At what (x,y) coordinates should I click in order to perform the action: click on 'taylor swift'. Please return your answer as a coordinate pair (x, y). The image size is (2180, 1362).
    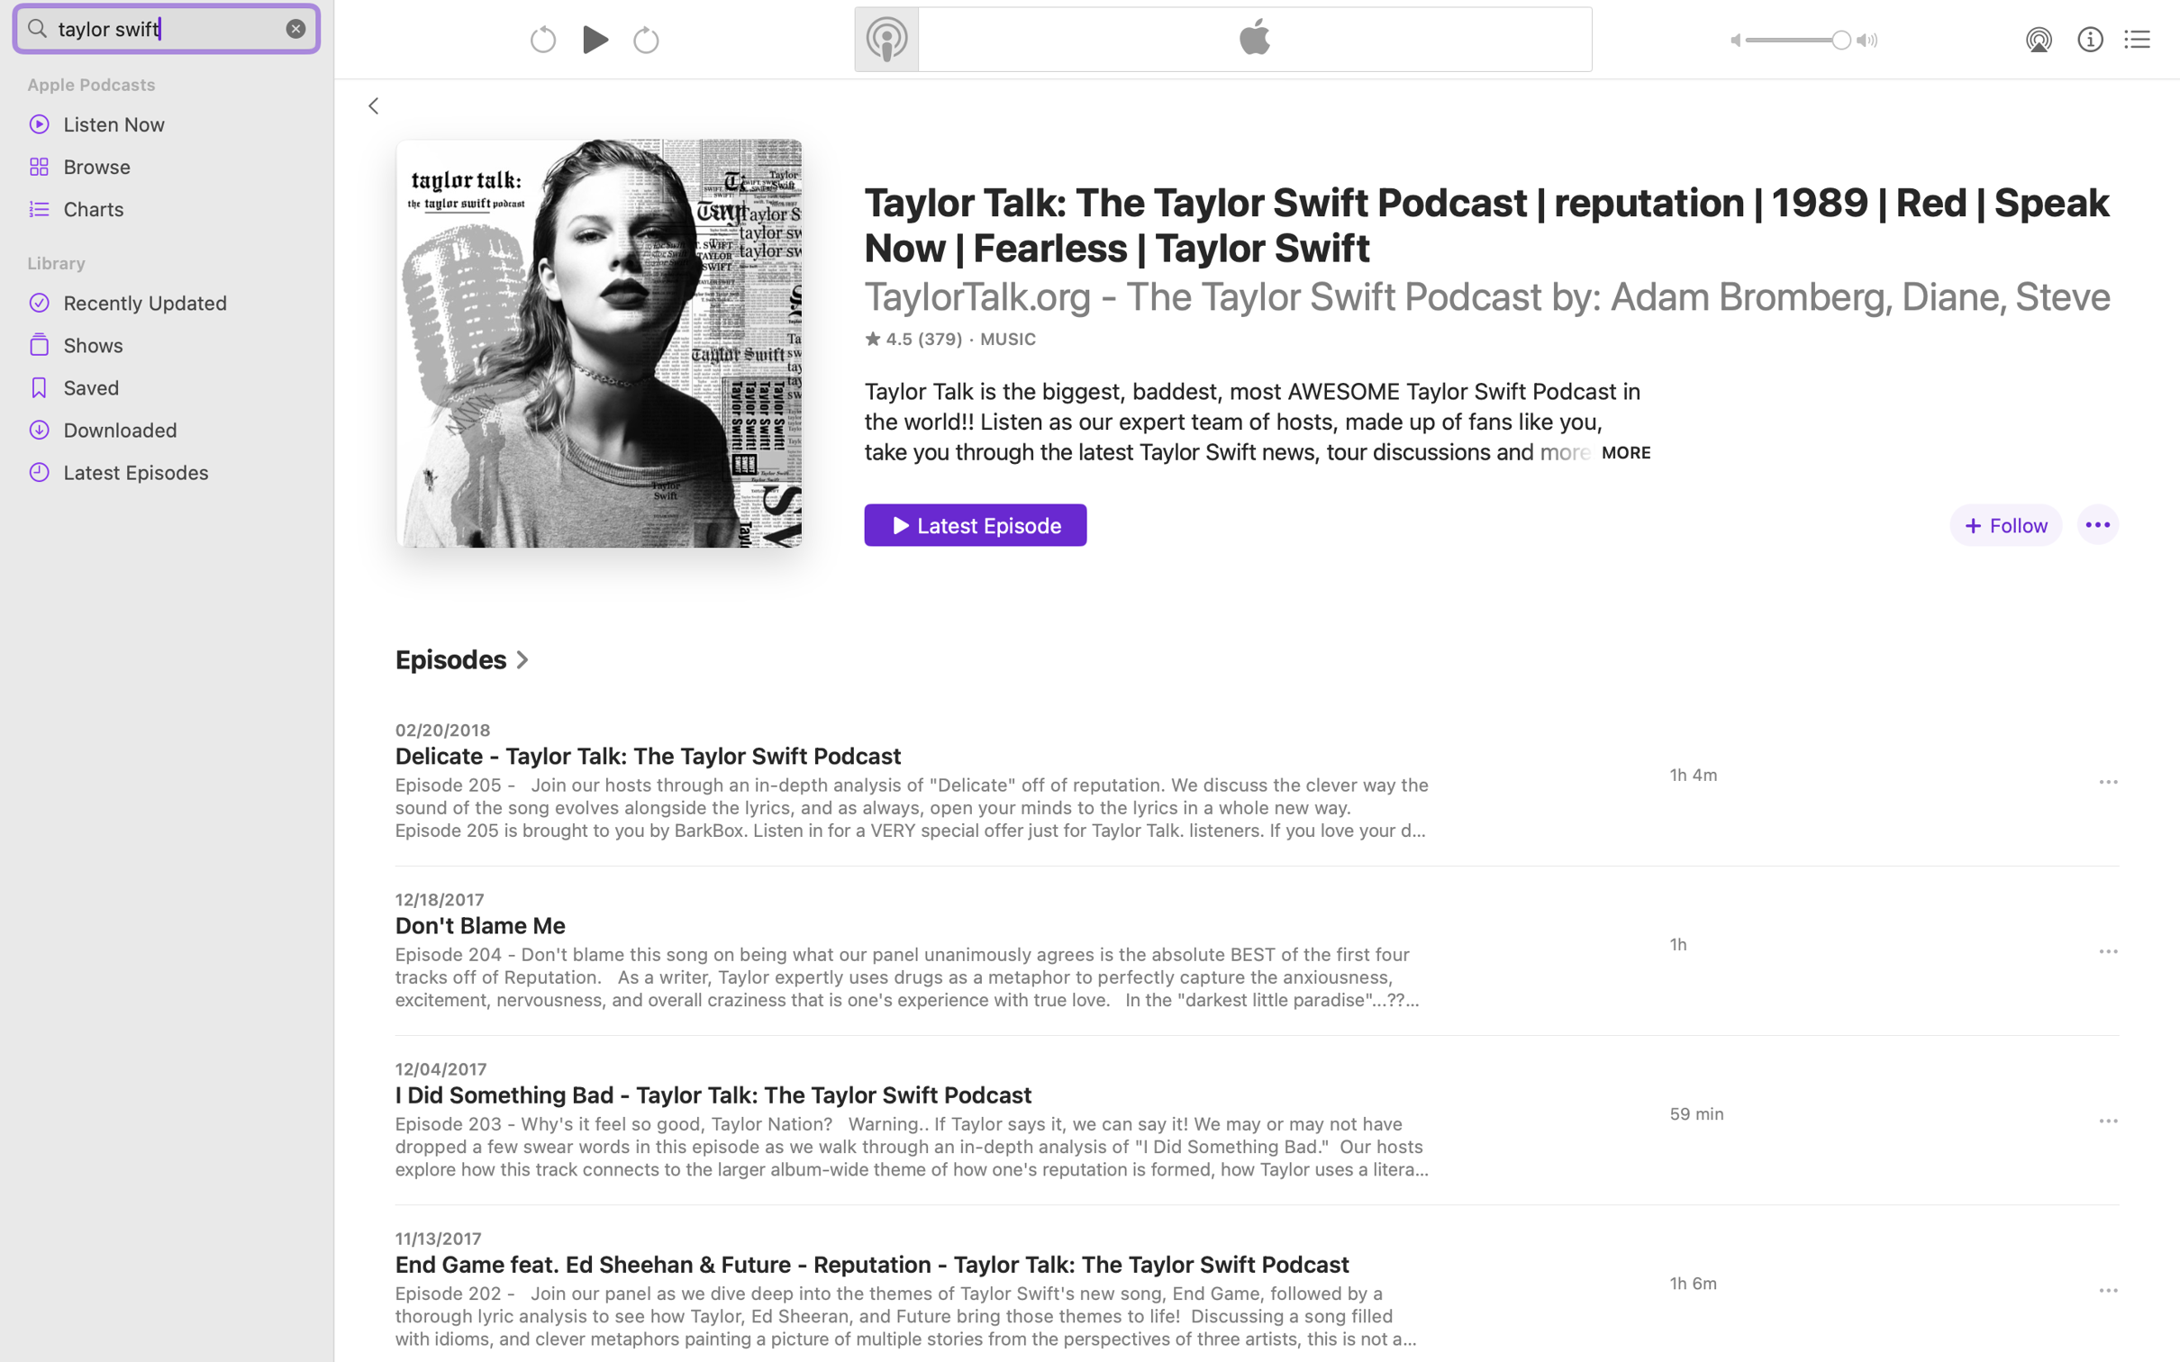
    Looking at the image, I should click on (167, 27).